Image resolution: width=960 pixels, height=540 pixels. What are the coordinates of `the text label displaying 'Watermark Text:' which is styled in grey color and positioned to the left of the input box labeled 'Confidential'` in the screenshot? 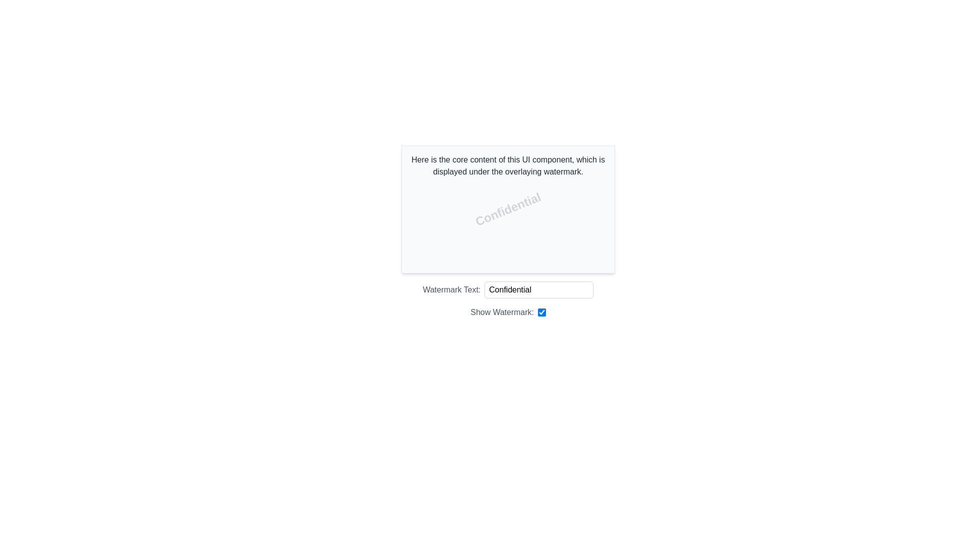 It's located at (451, 289).